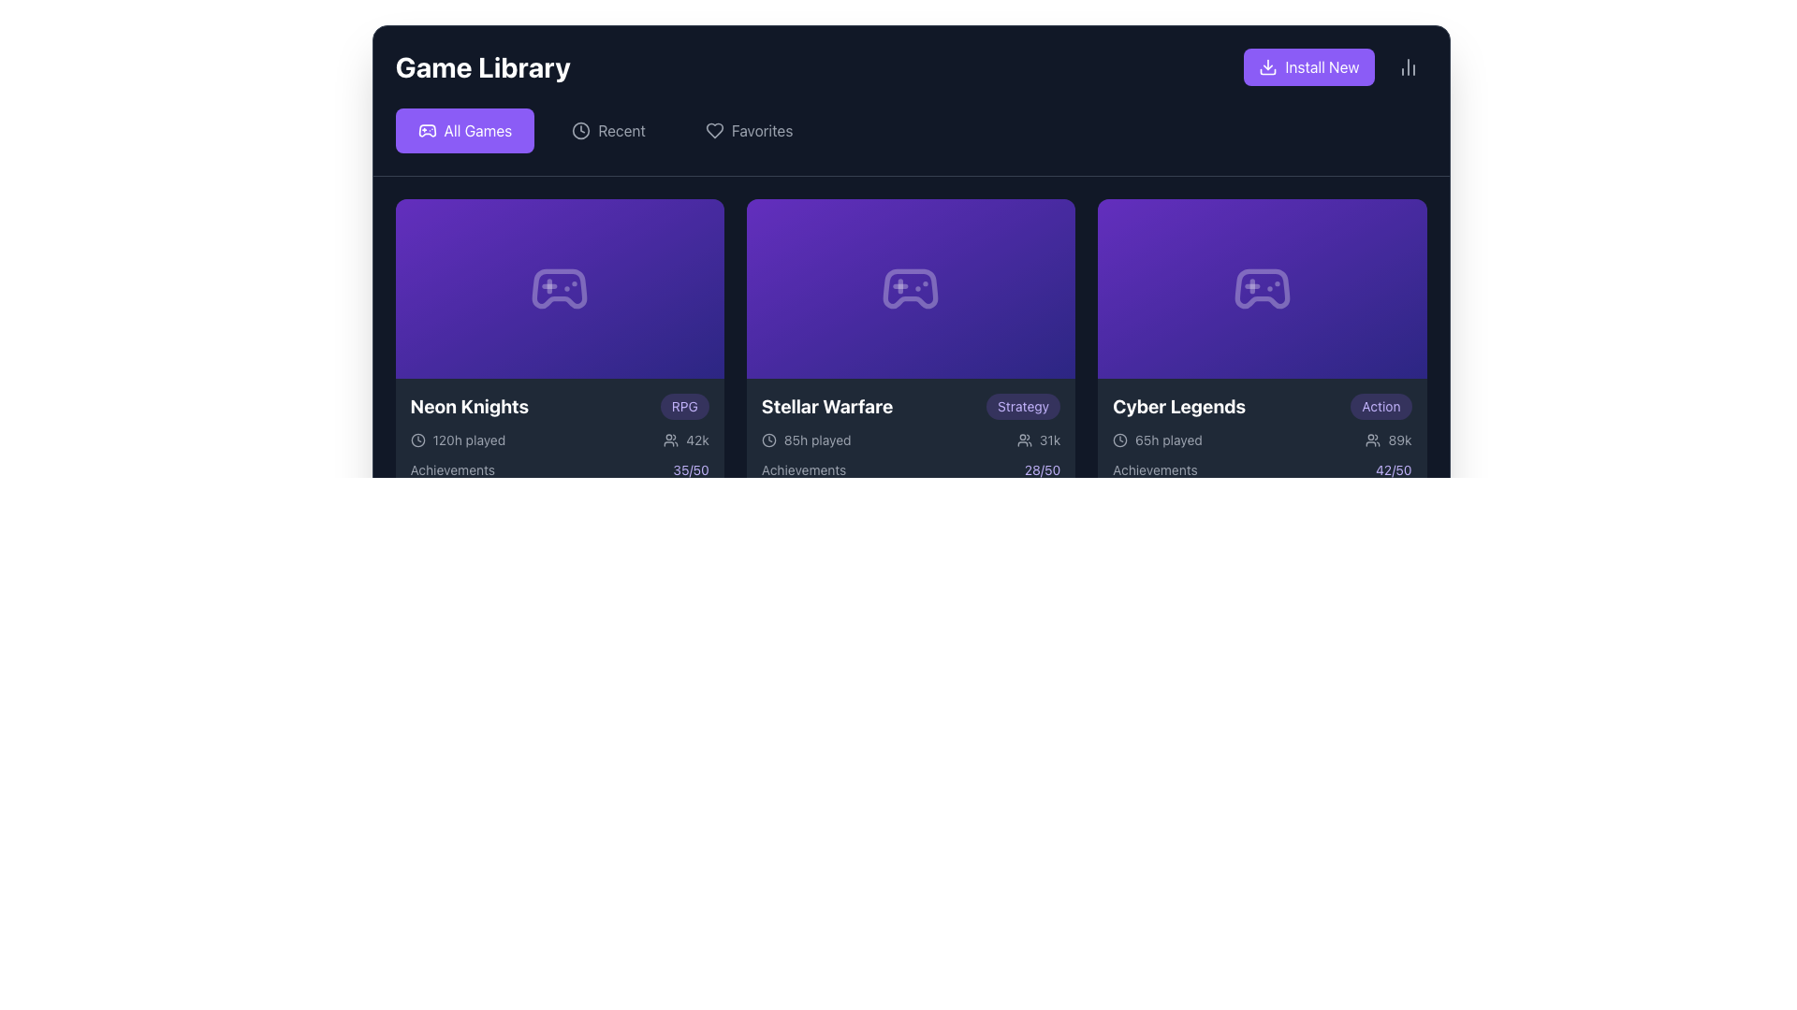 This screenshot has height=1010, width=1797. What do you see at coordinates (1308, 66) in the screenshot?
I see `the 'Install New' button with rounded corners and a violet background, located in the top-right corner of the interface, to provide visual feedback indicating interactivity` at bounding box center [1308, 66].